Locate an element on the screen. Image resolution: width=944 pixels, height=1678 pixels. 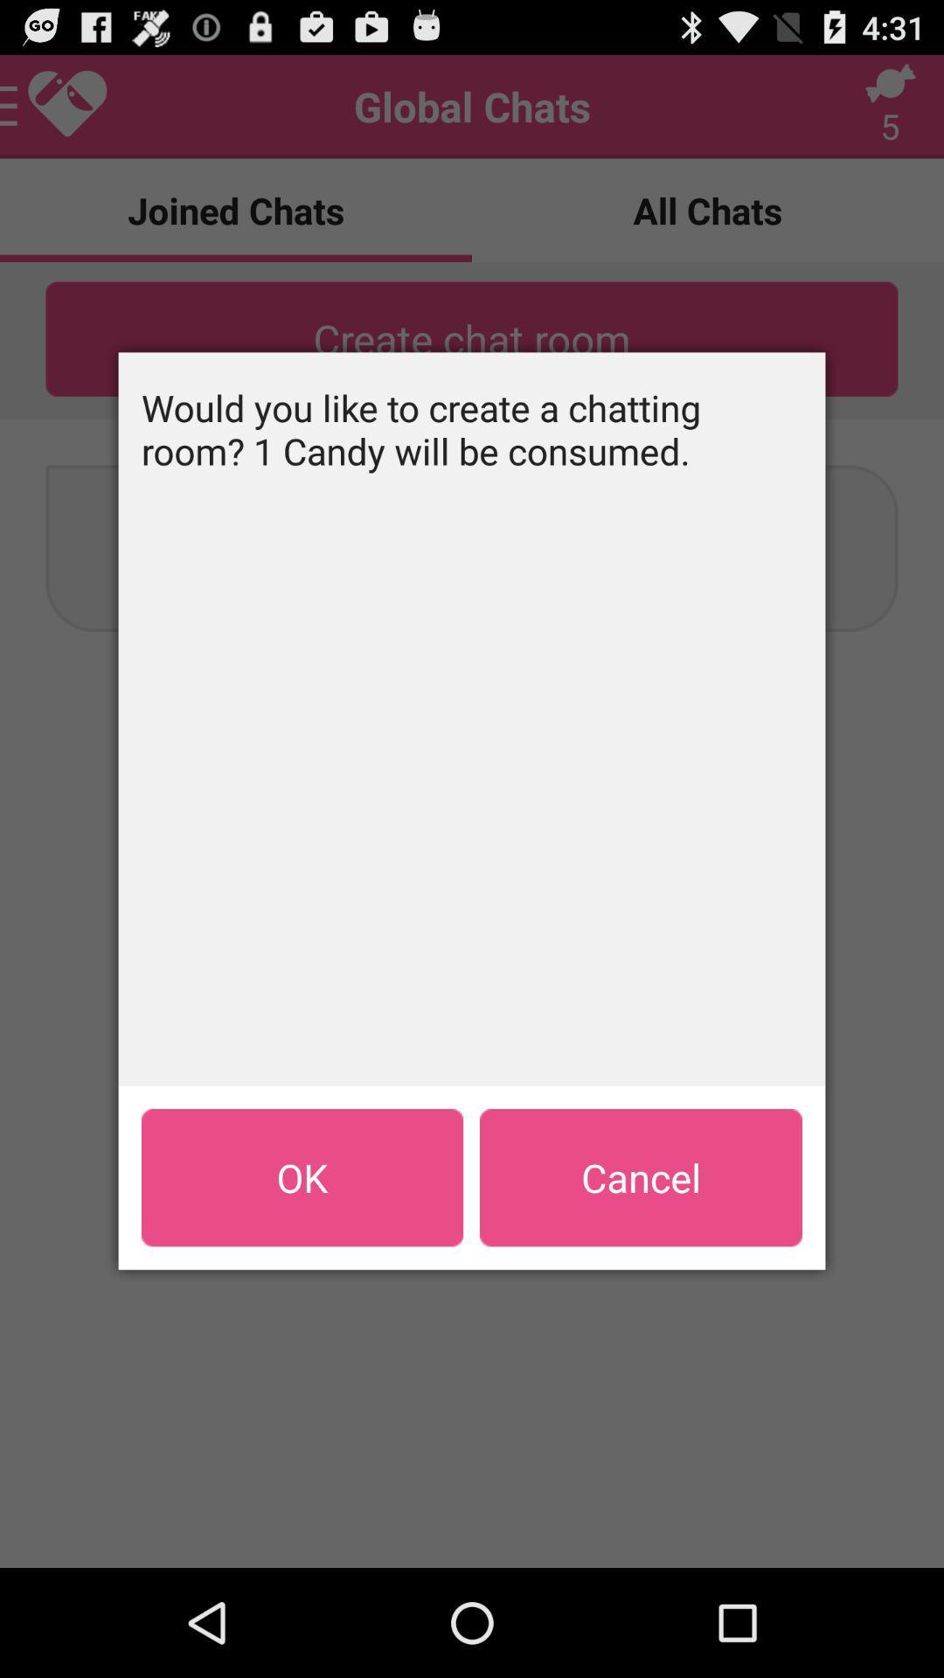
app below would you like icon is located at coordinates (641, 1177).